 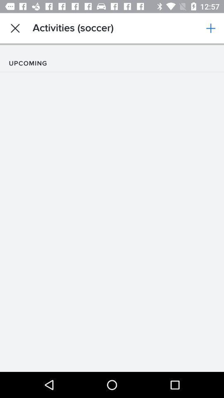 I want to click on the icon next to the activities (soccer) app, so click(x=15, y=28).